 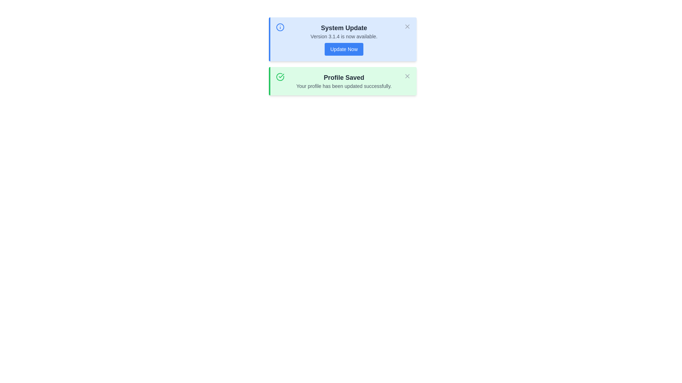 I want to click on the small gray 'X' button located at the top-right corner of the green notification card titled 'Profile Saved' to change its appearance, so click(x=407, y=76).